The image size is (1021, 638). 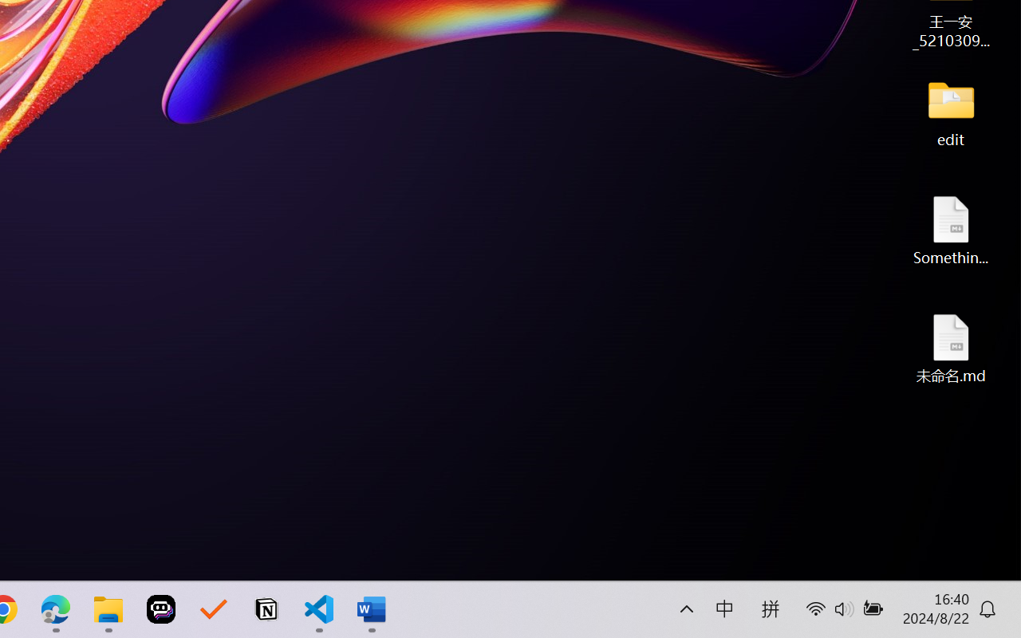 What do you see at coordinates (266, 609) in the screenshot?
I see `'Notion'` at bounding box center [266, 609].